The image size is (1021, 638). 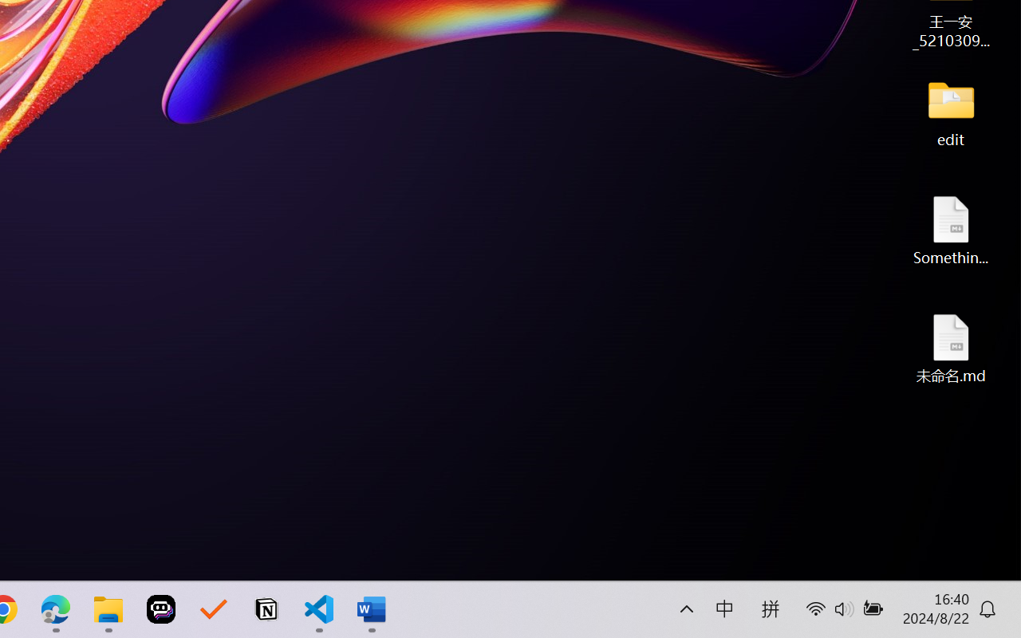 What do you see at coordinates (266, 609) in the screenshot?
I see `'Notion'` at bounding box center [266, 609].